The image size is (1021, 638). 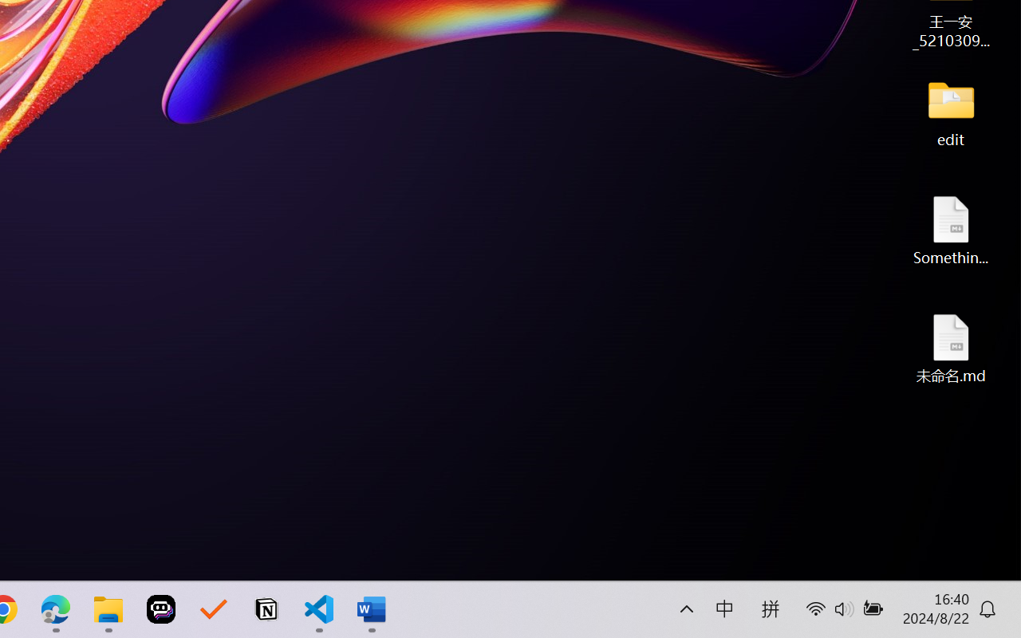 What do you see at coordinates (266, 609) in the screenshot?
I see `'Notion'` at bounding box center [266, 609].